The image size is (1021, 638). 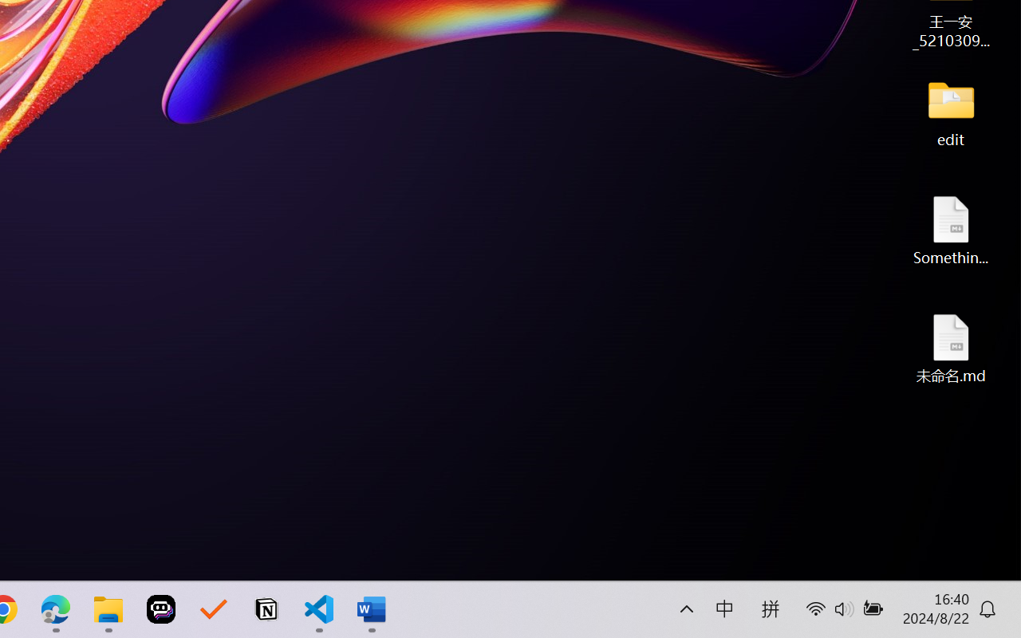 What do you see at coordinates (266, 609) in the screenshot?
I see `'Notion'` at bounding box center [266, 609].